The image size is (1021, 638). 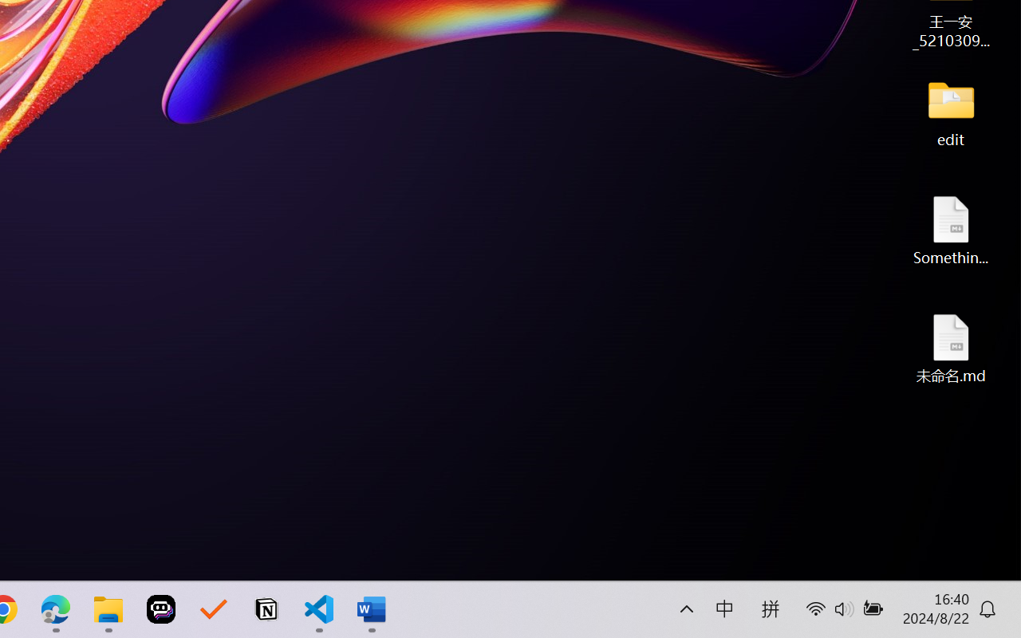 What do you see at coordinates (266, 609) in the screenshot?
I see `'Notion'` at bounding box center [266, 609].